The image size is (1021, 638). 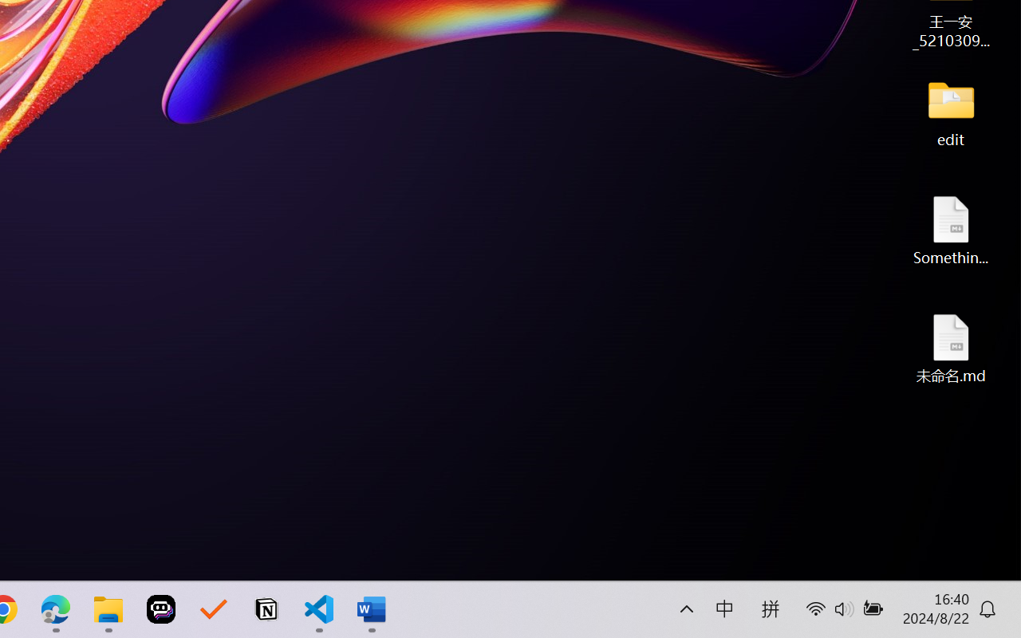 What do you see at coordinates (266, 609) in the screenshot?
I see `'Notion'` at bounding box center [266, 609].